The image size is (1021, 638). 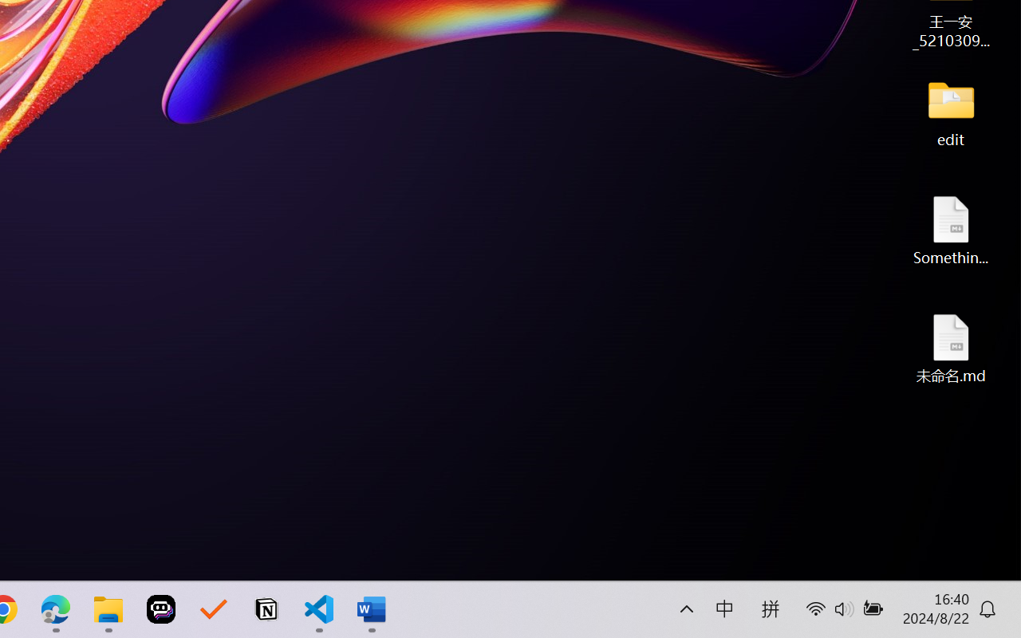 What do you see at coordinates (266, 609) in the screenshot?
I see `'Notion'` at bounding box center [266, 609].